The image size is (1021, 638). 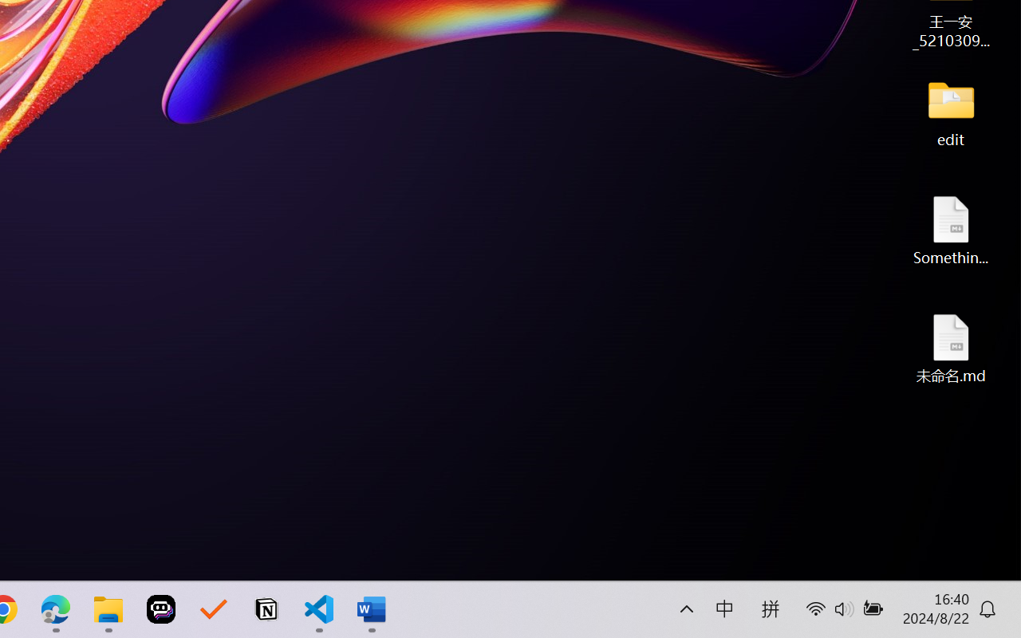 What do you see at coordinates (266, 609) in the screenshot?
I see `'Notion'` at bounding box center [266, 609].